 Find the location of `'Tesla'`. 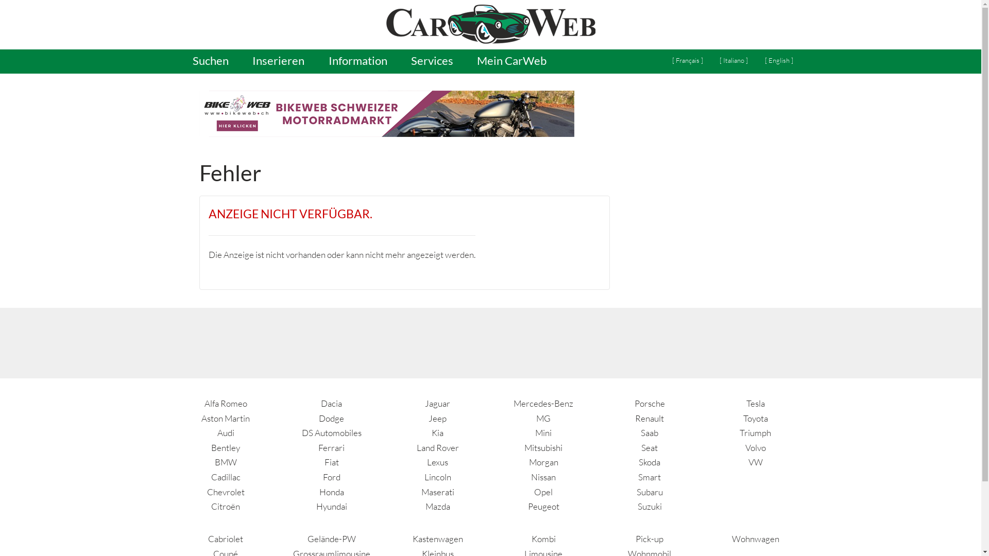

'Tesla' is located at coordinates (756, 403).